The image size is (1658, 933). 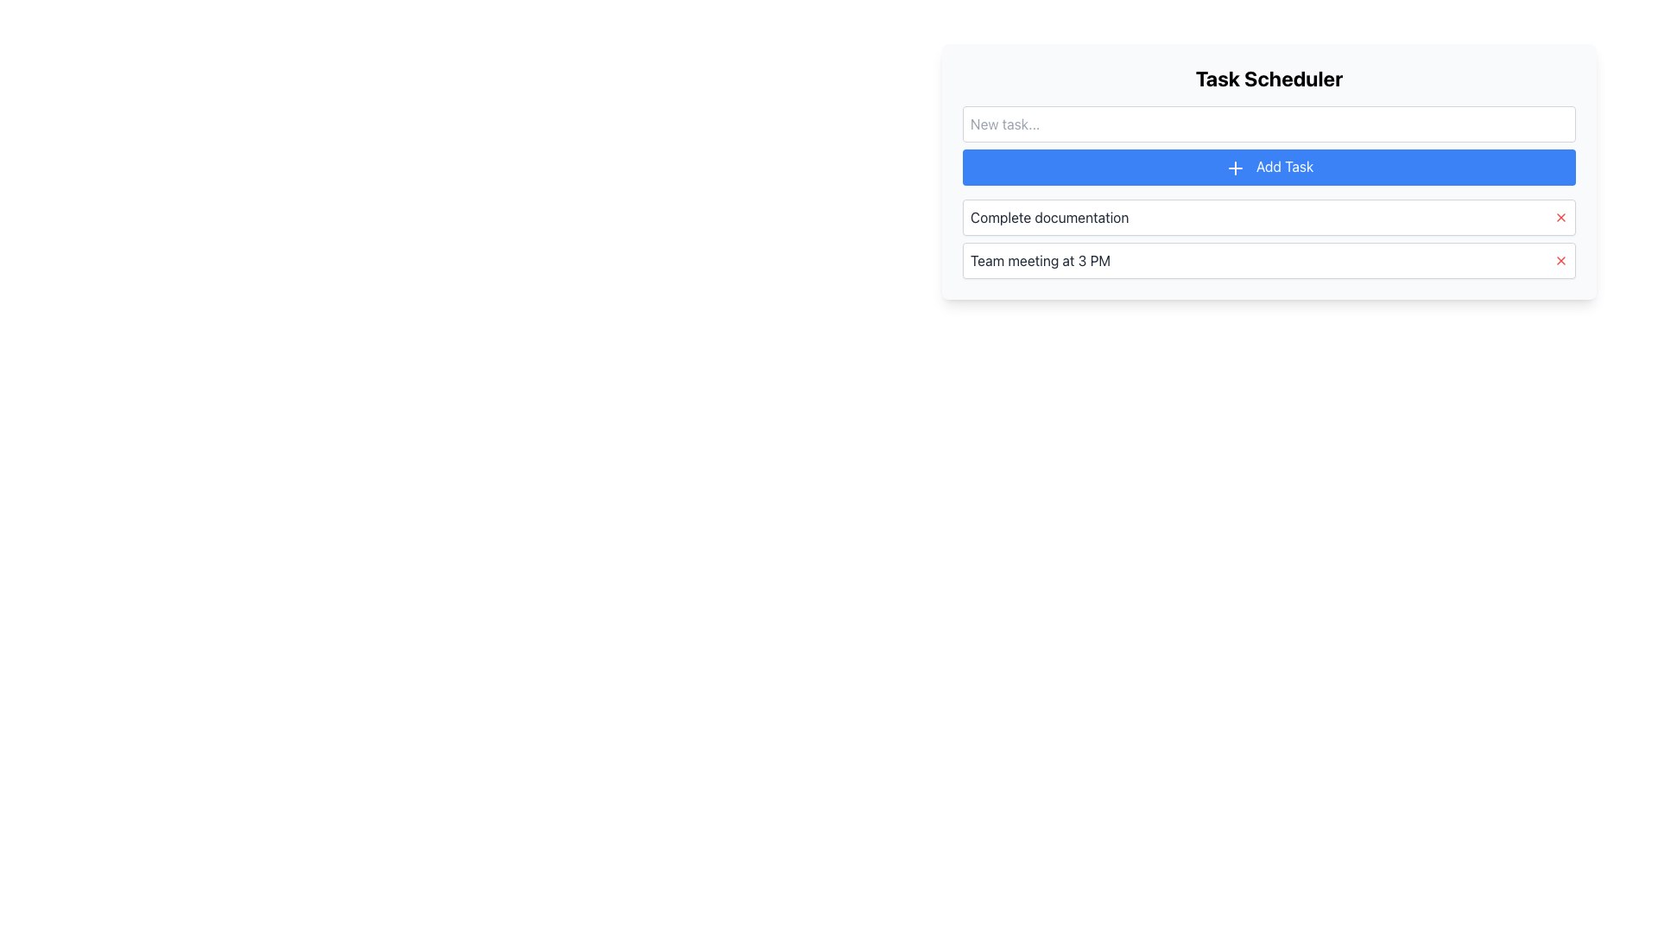 What do you see at coordinates (1561, 215) in the screenshot?
I see `the delete button for the task 'Complete documentation'` at bounding box center [1561, 215].